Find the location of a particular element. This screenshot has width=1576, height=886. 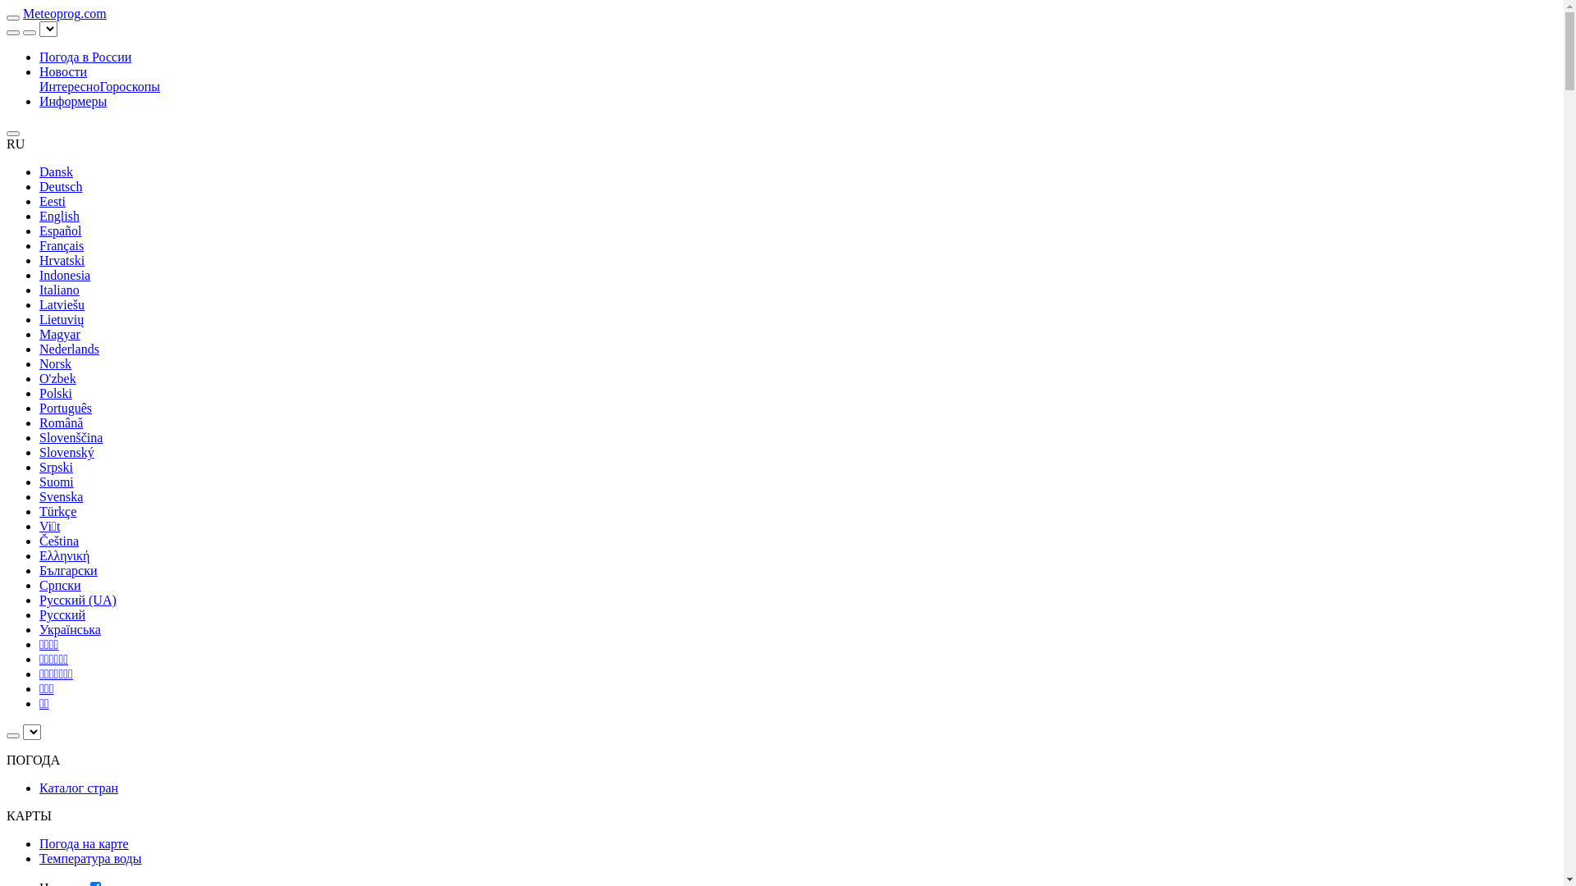

'Nederlands' is located at coordinates (68, 348).